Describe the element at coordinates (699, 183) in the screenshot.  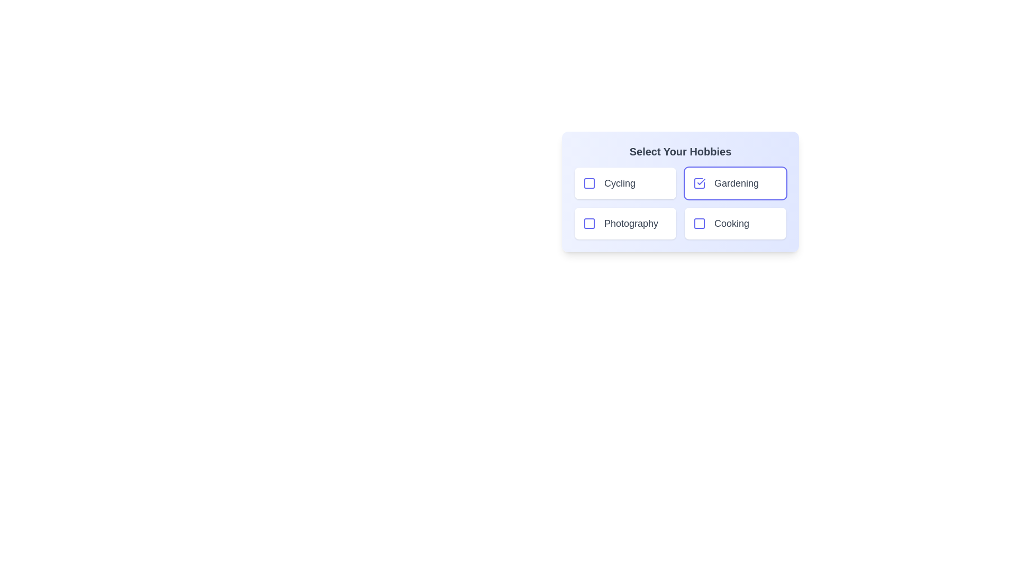
I see `the hobby item Gardening` at that location.